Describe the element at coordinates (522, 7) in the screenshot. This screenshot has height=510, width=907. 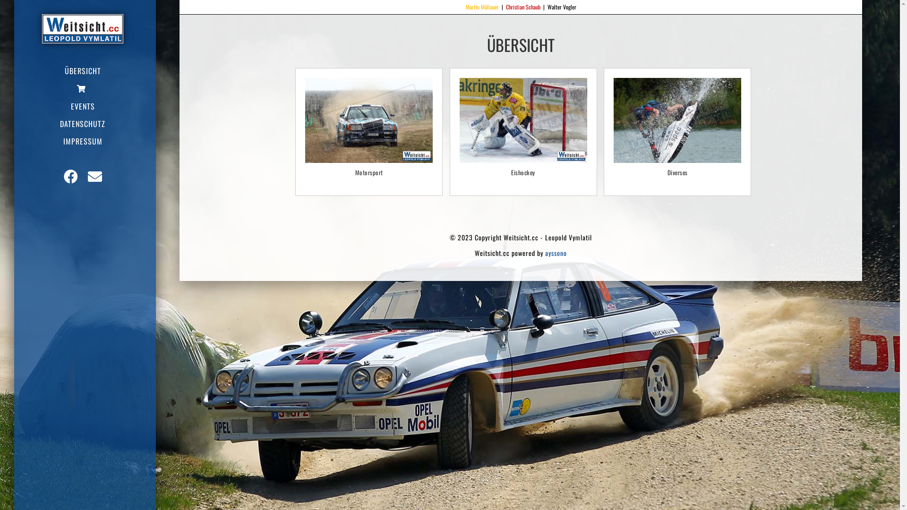
I see `'Christian Schaub'` at that location.